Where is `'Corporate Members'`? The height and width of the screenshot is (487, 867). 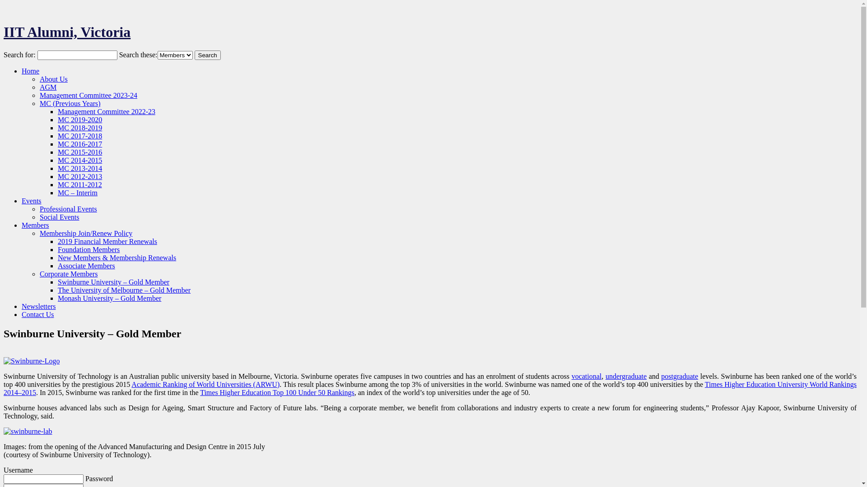
'Corporate Members' is located at coordinates (39, 273).